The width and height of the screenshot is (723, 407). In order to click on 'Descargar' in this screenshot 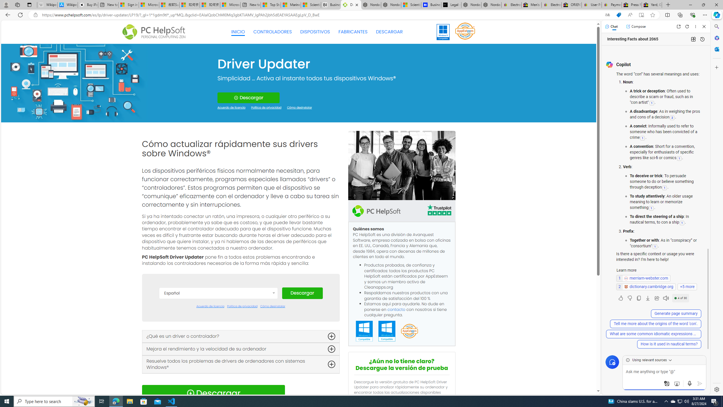, I will do `click(302, 293)`.